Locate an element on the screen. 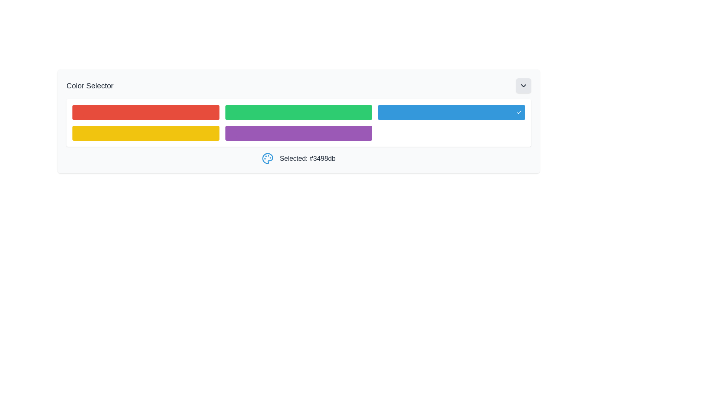  the small square decorative component with rounded corners, which is centrally aligned within the purple rectangular button in the second row of the color selector area is located at coordinates (232, 133).